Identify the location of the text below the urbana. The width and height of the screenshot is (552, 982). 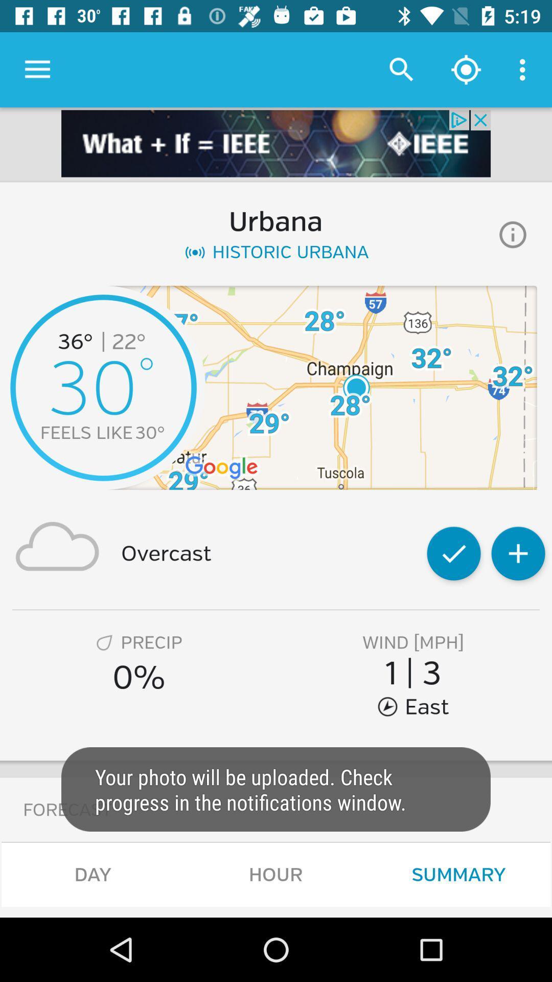
(276, 252).